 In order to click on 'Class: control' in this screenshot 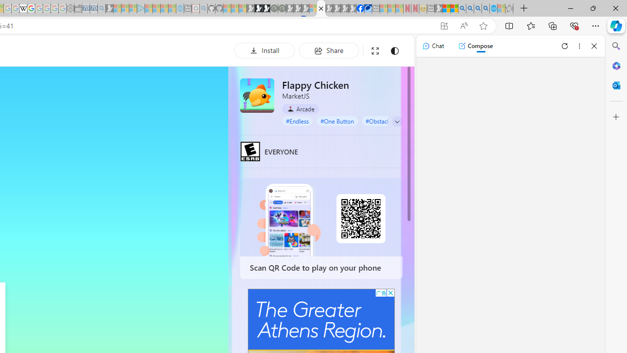, I will do `click(397, 121)`.